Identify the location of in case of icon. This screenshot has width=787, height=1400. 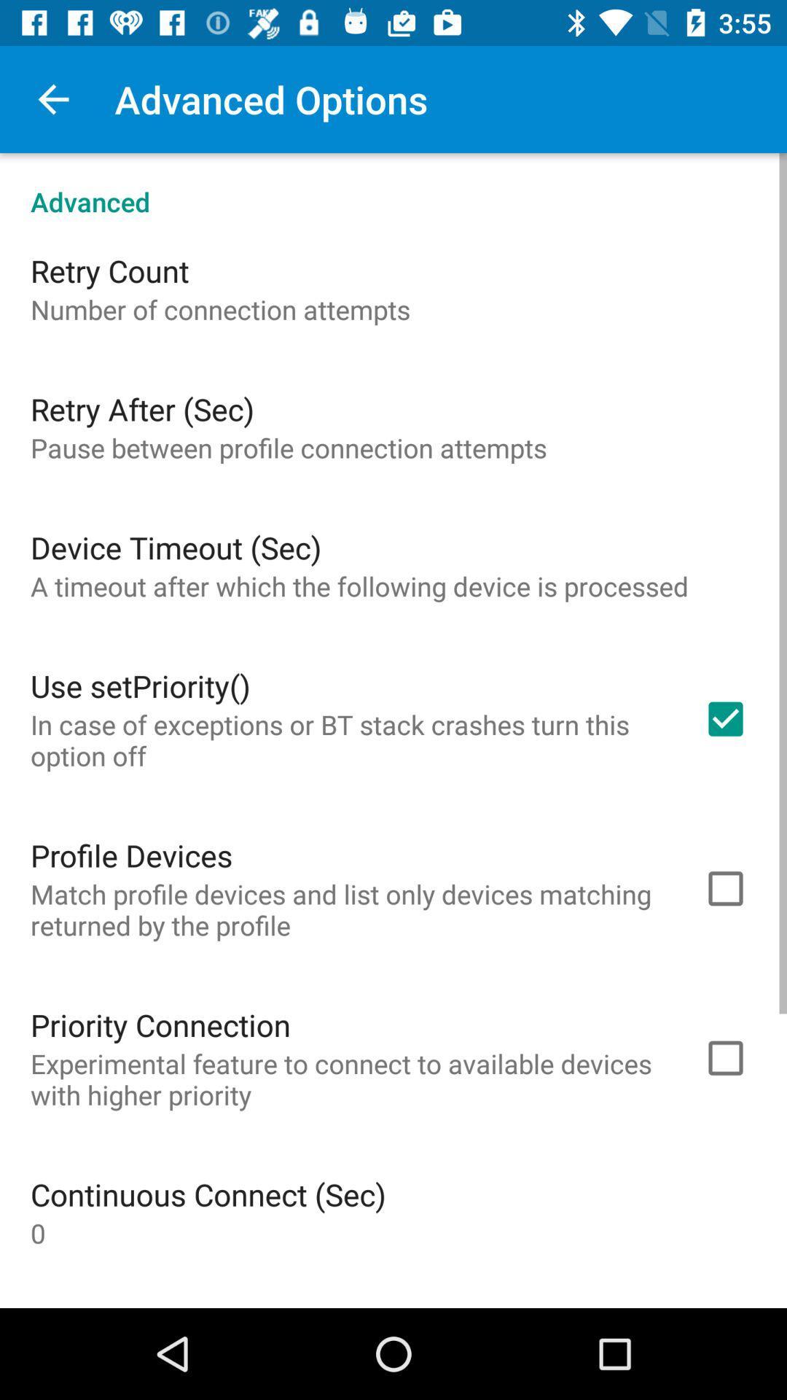
(348, 740).